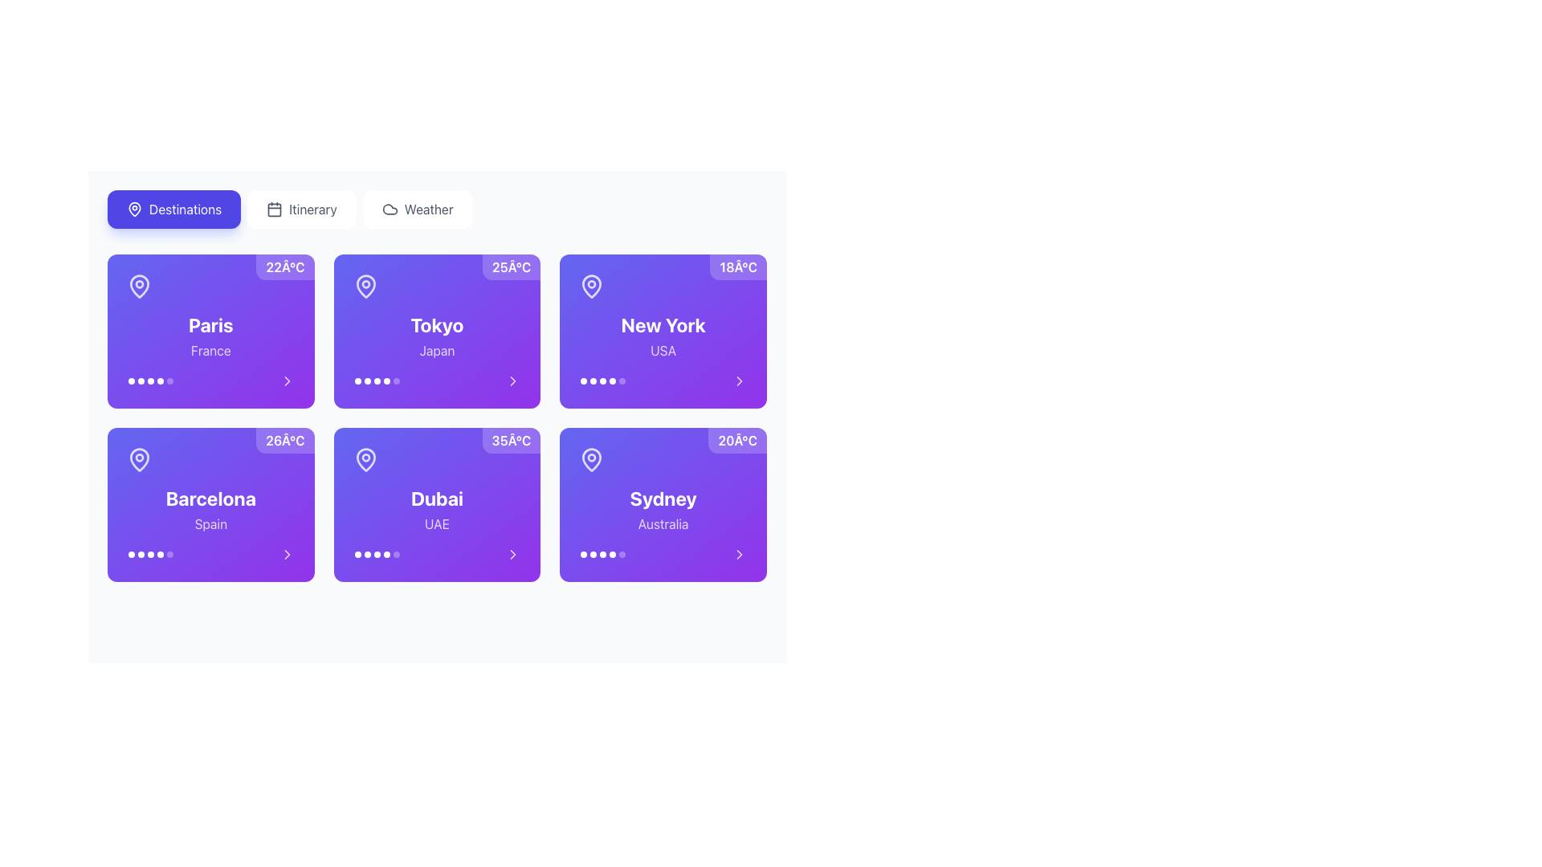 This screenshot has height=867, width=1542. Describe the element at coordinates (739, 553) in the screenshot. I see `the navigation icon located in the bottom-right corner of the 'Sydney, Australia' card` at that location.